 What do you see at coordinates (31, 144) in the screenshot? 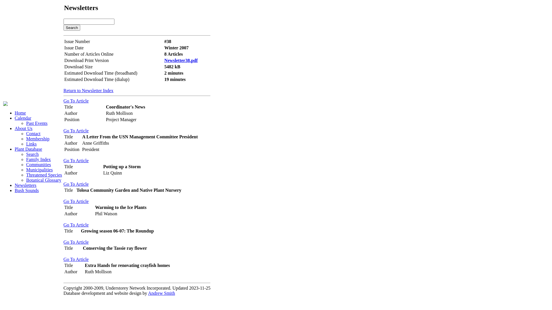
I see `'Links'` at bounding box center [31, 144].